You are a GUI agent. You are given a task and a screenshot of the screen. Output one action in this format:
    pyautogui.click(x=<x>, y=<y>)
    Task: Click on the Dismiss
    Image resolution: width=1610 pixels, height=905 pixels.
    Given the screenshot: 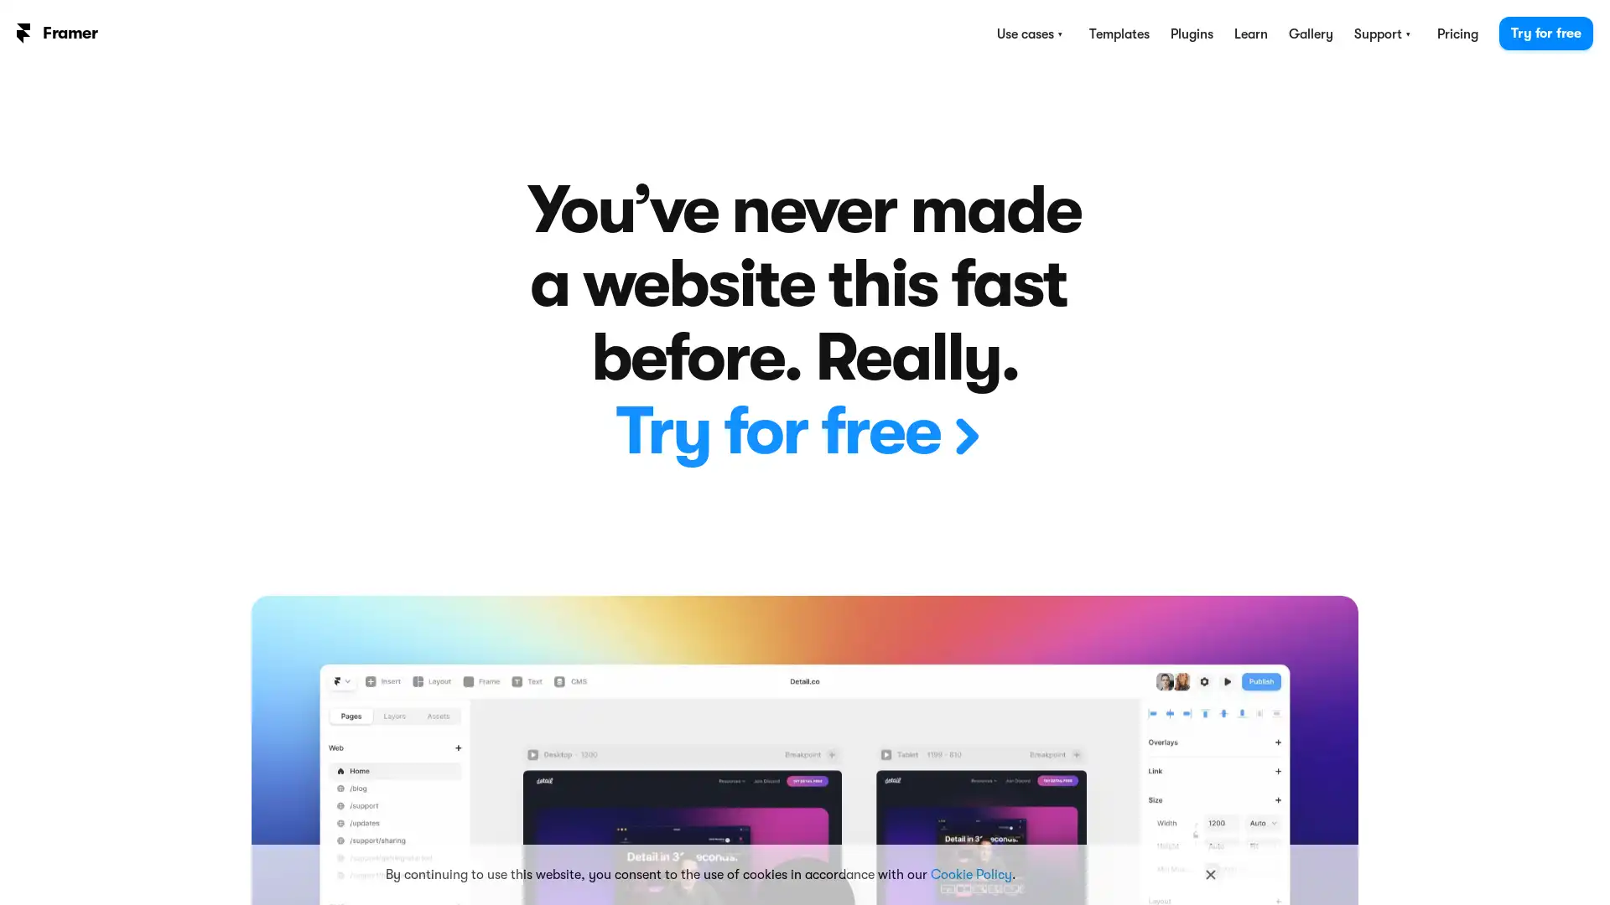 What is the action you would take?
    pyautogui.click(x=1211, y=874)
    